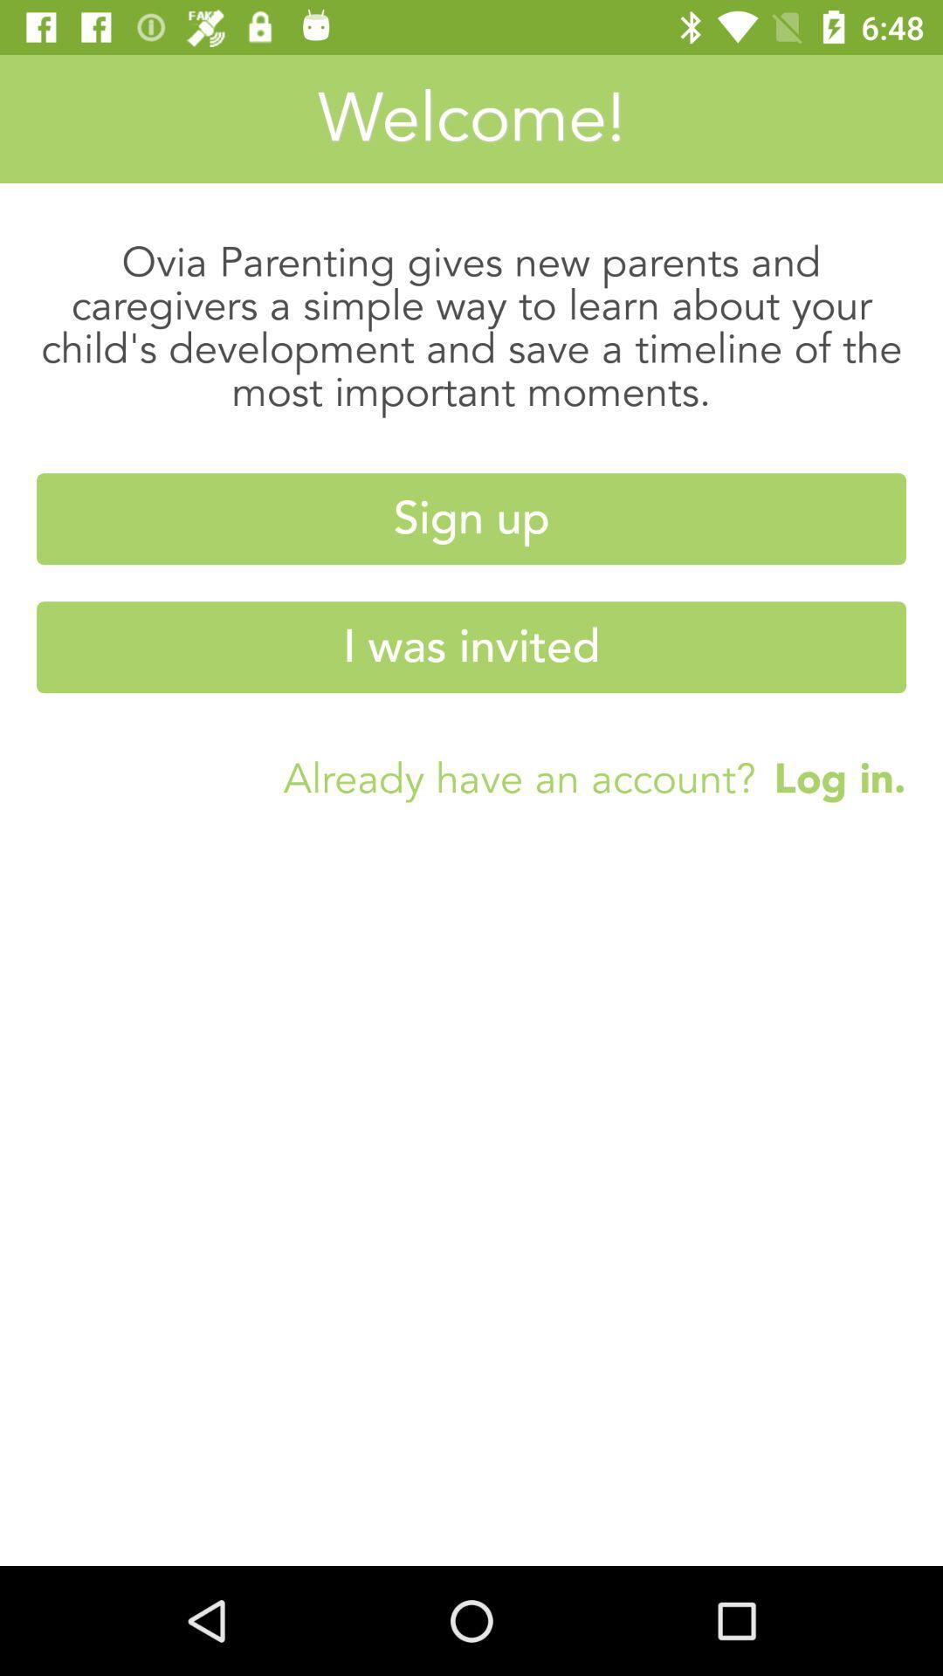 The image size is (943, 1676). Describe the element at coordinates (829, 777) in the screenshot. I see `icon below the i was invited` at that location.